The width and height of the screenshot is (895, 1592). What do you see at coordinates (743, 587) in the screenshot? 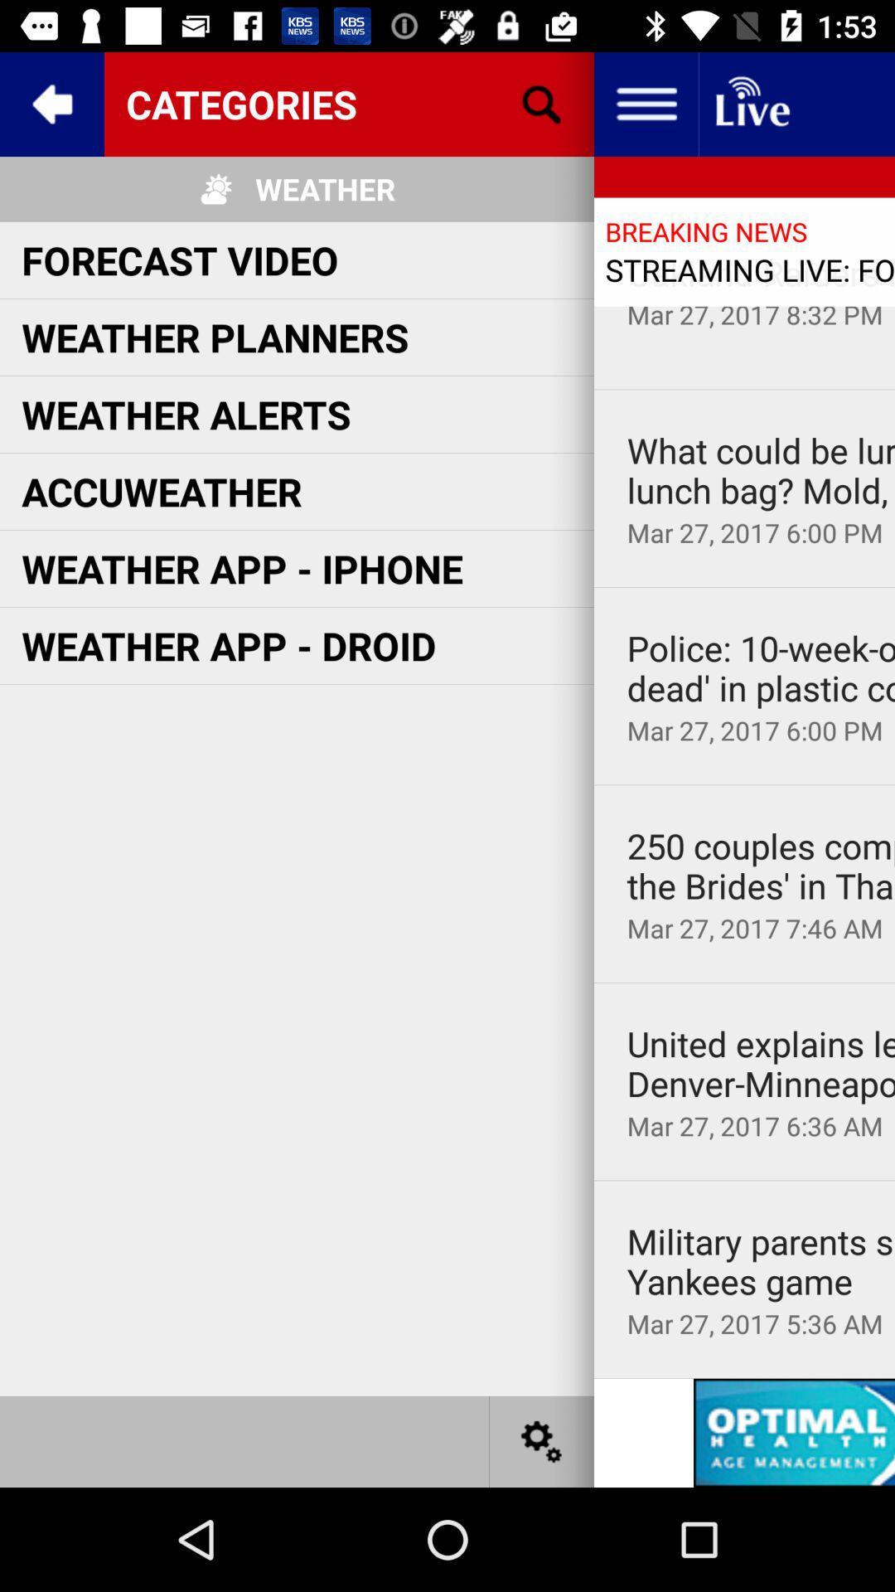
I see `app below mar 27 2017` at bounding box center [743, 587].